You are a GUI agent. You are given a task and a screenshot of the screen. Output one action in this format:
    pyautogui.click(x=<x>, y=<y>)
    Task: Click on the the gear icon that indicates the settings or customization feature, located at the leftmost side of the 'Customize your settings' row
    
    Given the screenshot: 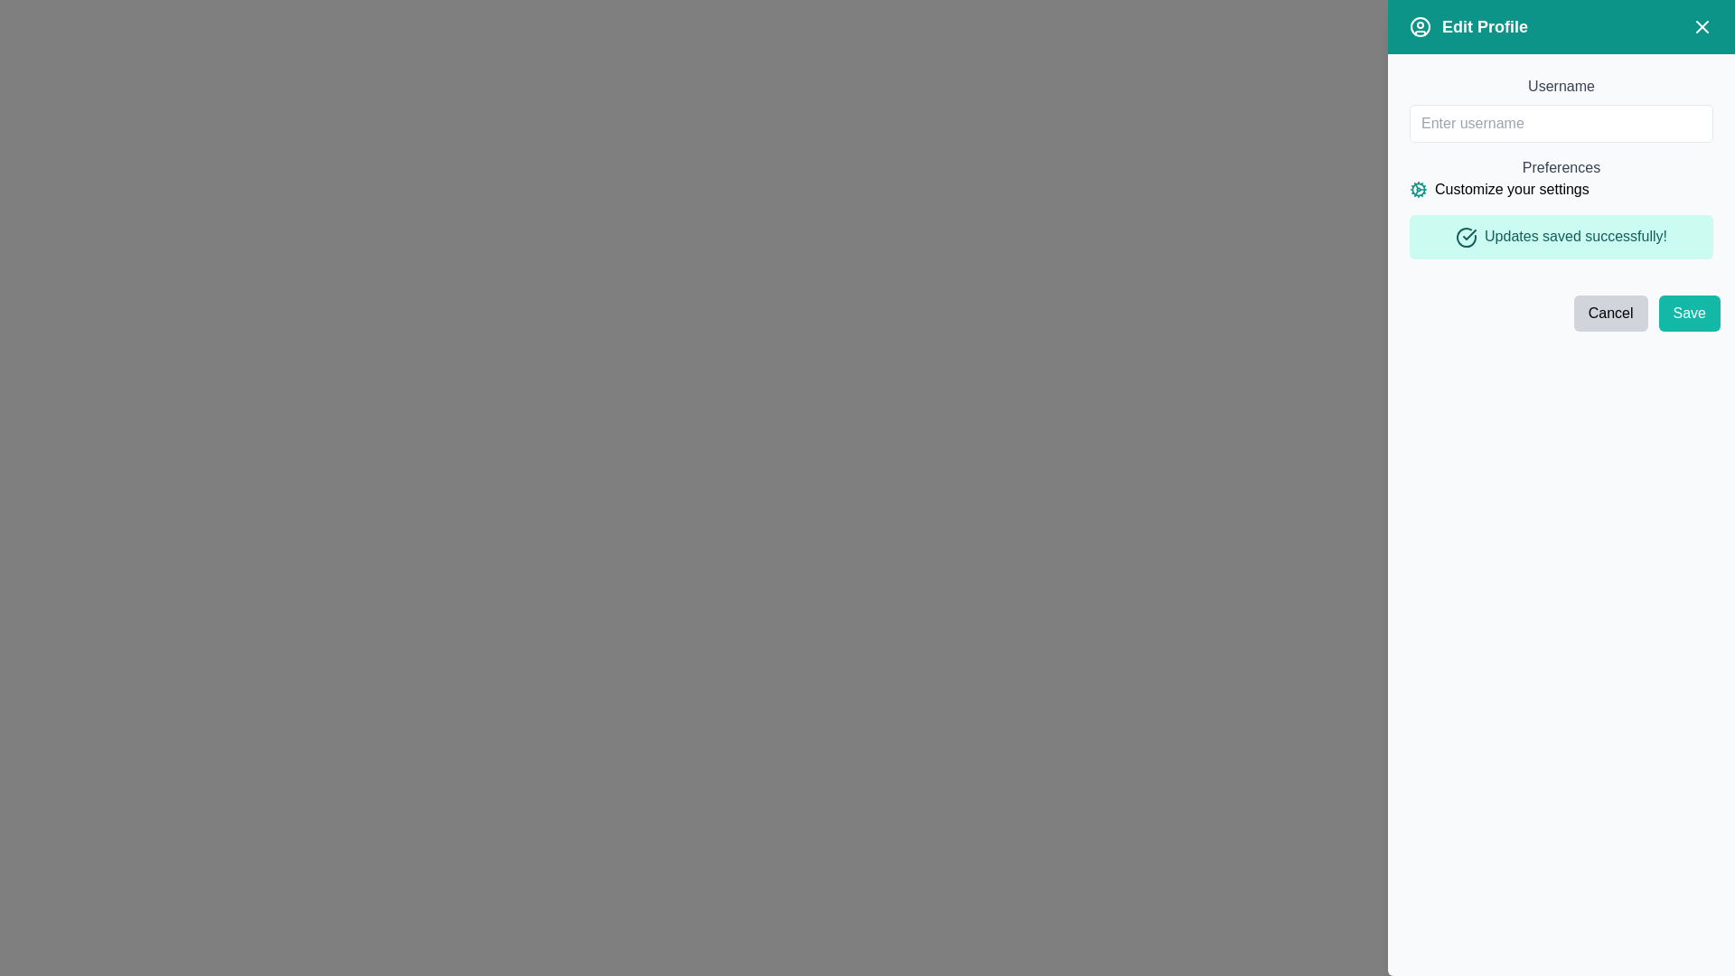 What is the action you would take?
    pyautogui.click(x=1417, y=189)
    